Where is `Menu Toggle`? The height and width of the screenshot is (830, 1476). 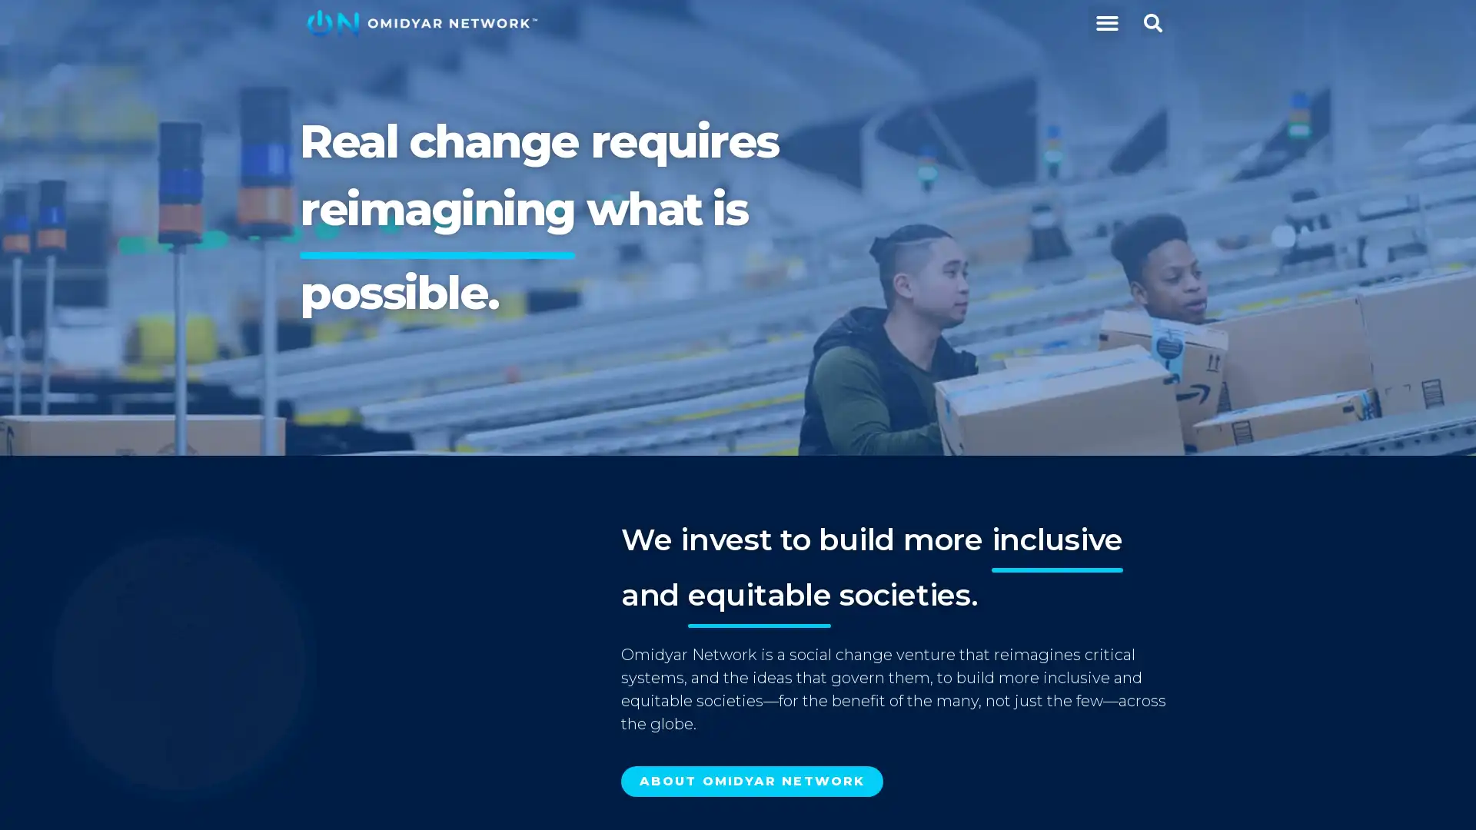 Menu Toggle is located at coordinates (1105, 23).